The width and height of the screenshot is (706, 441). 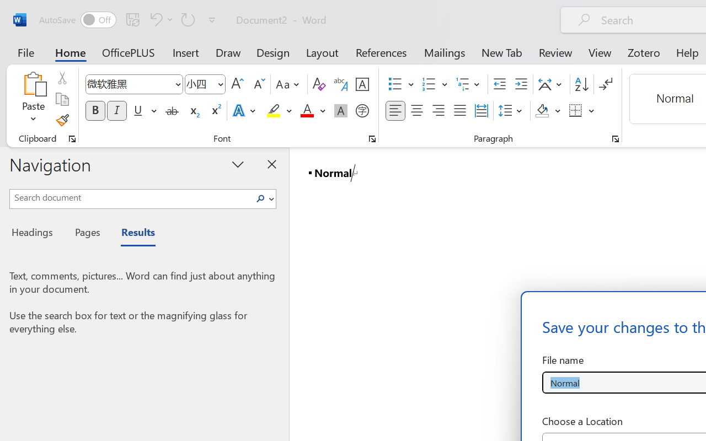 I want to click on 'Review', so click(x=555, y=52).